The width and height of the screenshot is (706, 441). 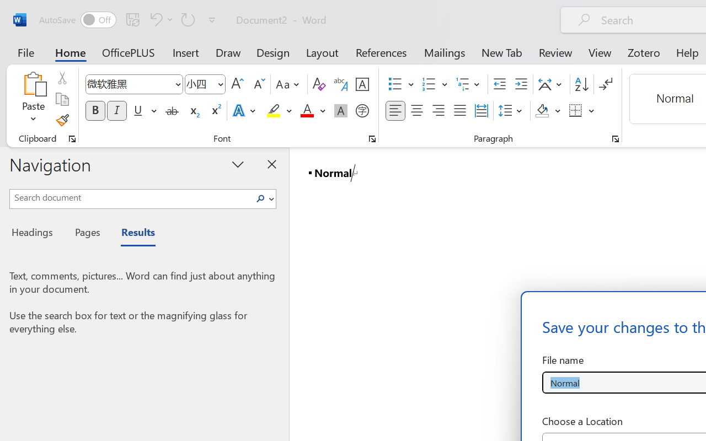 I want to click on 'Review', so click(x=555, y=52).